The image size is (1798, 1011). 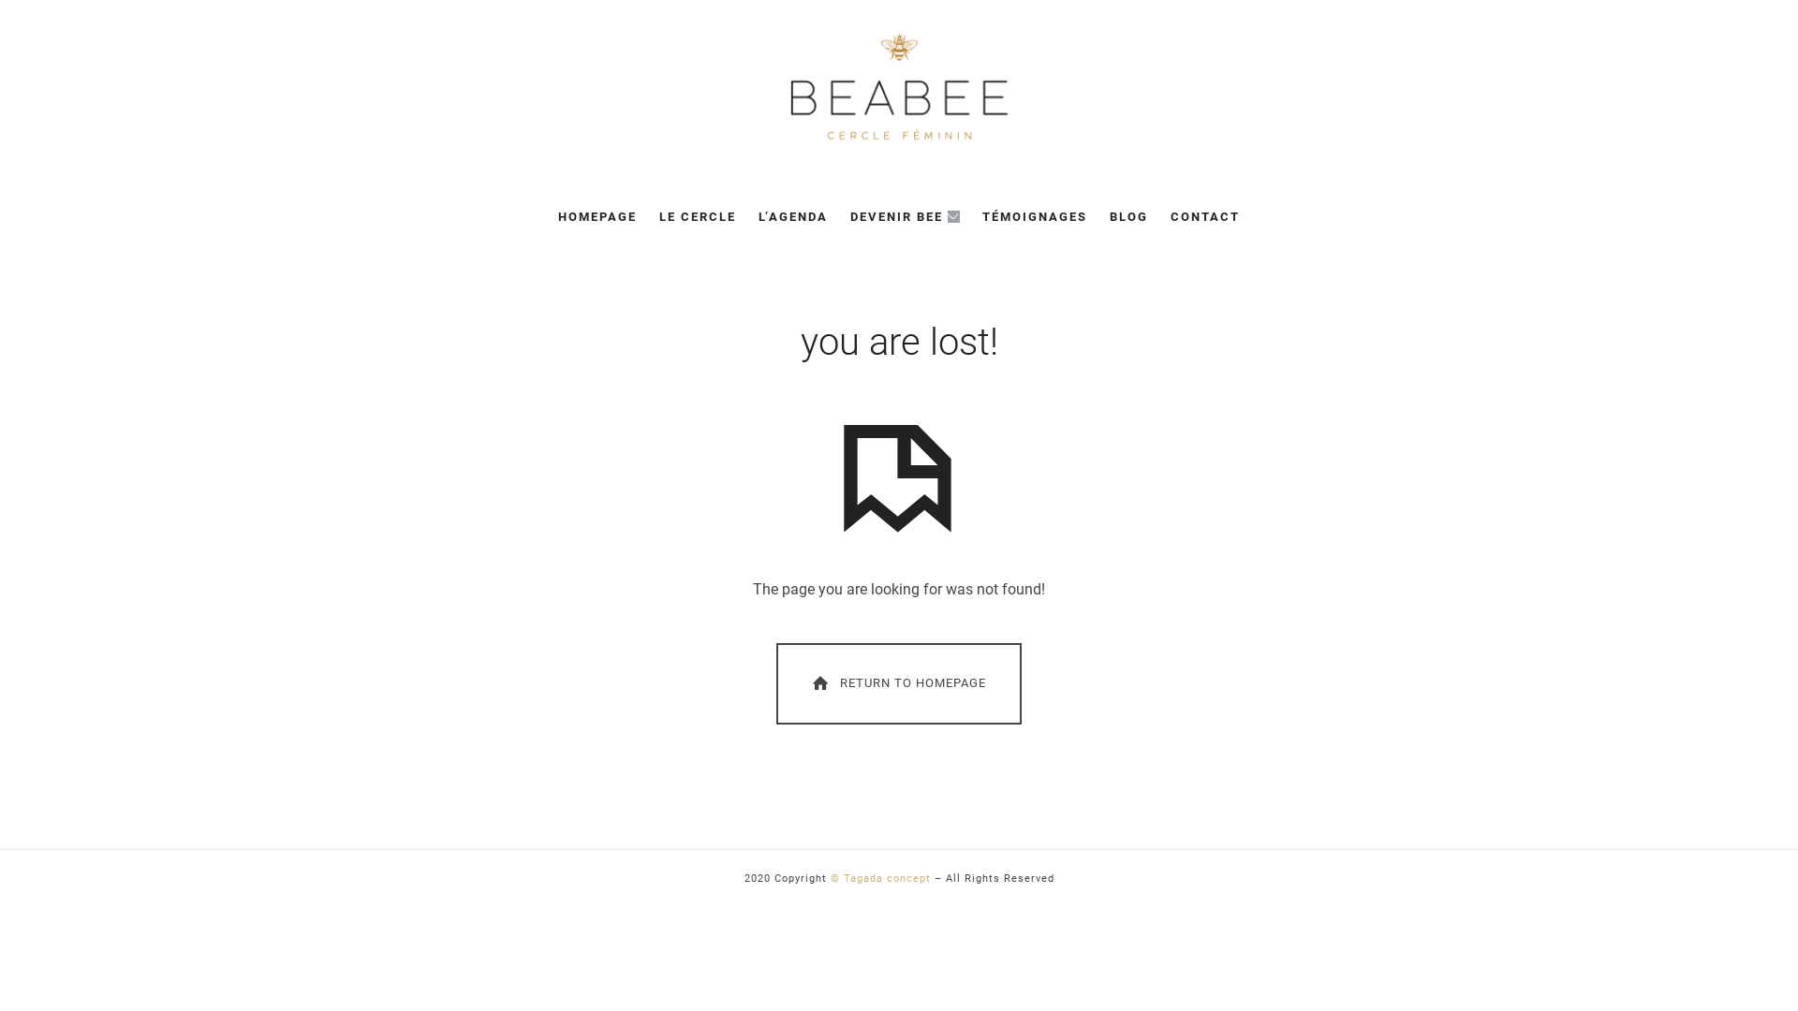 What do you see at coordinates (904, 215) in the screenshot?
I see `'DEVENIR BEE'` at bounding box center [904, 215].